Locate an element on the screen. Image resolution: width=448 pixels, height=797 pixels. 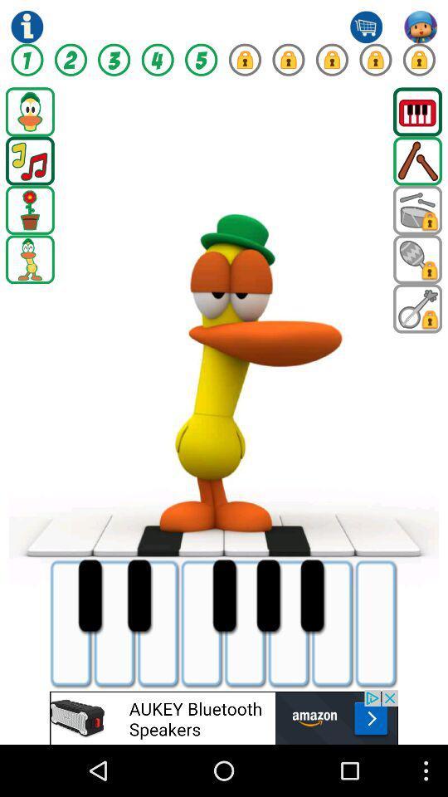
the lock icon is located at coordinates (418, 64).